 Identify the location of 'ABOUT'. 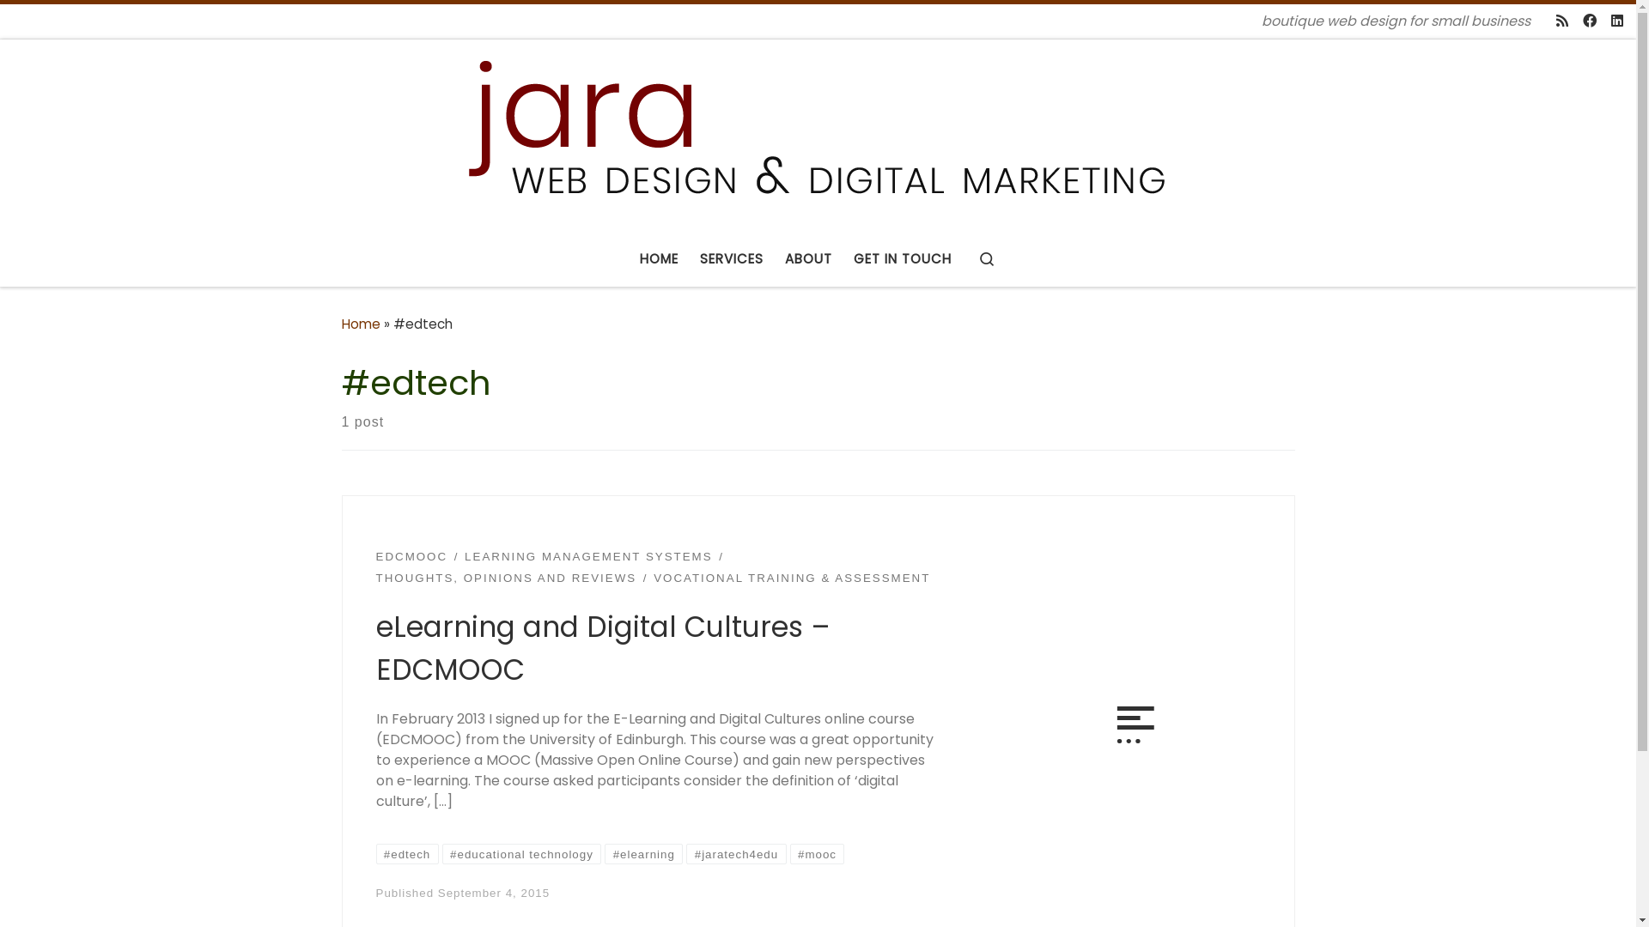
(807, 258).